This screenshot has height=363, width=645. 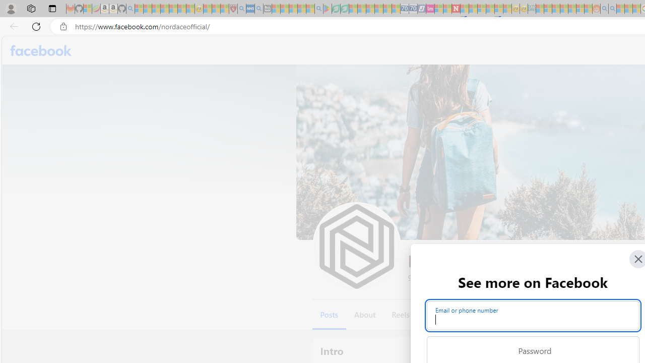 I want to click on 'Email or phone number', so click(x=532, y=315).